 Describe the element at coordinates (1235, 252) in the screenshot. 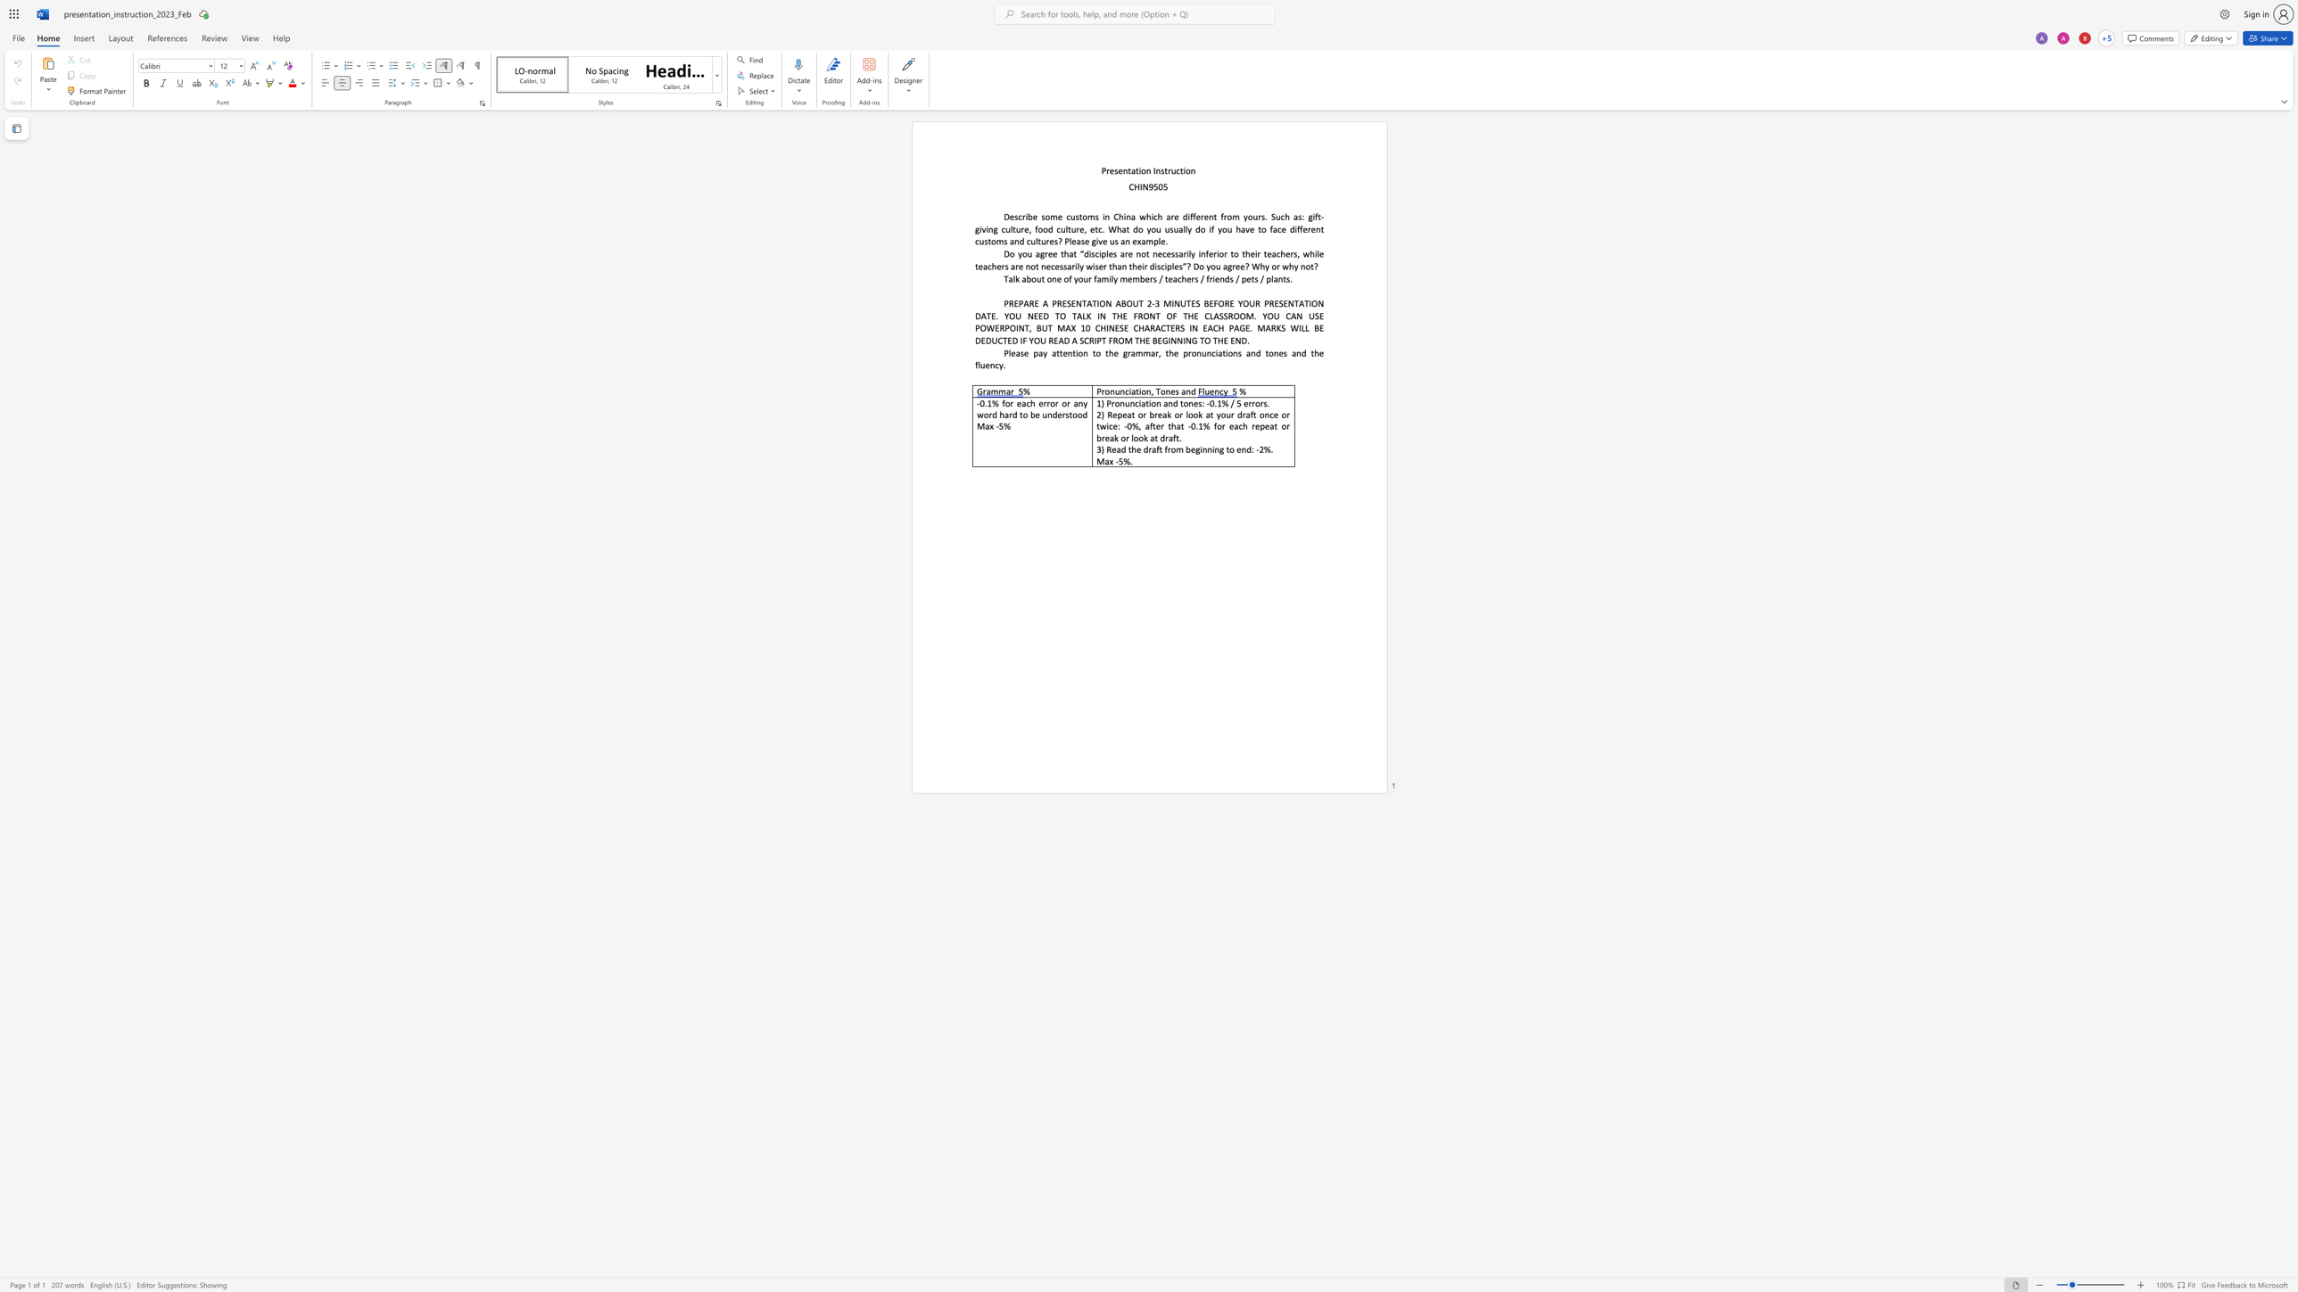

I see `the 5th character "o" in the text` at that location.